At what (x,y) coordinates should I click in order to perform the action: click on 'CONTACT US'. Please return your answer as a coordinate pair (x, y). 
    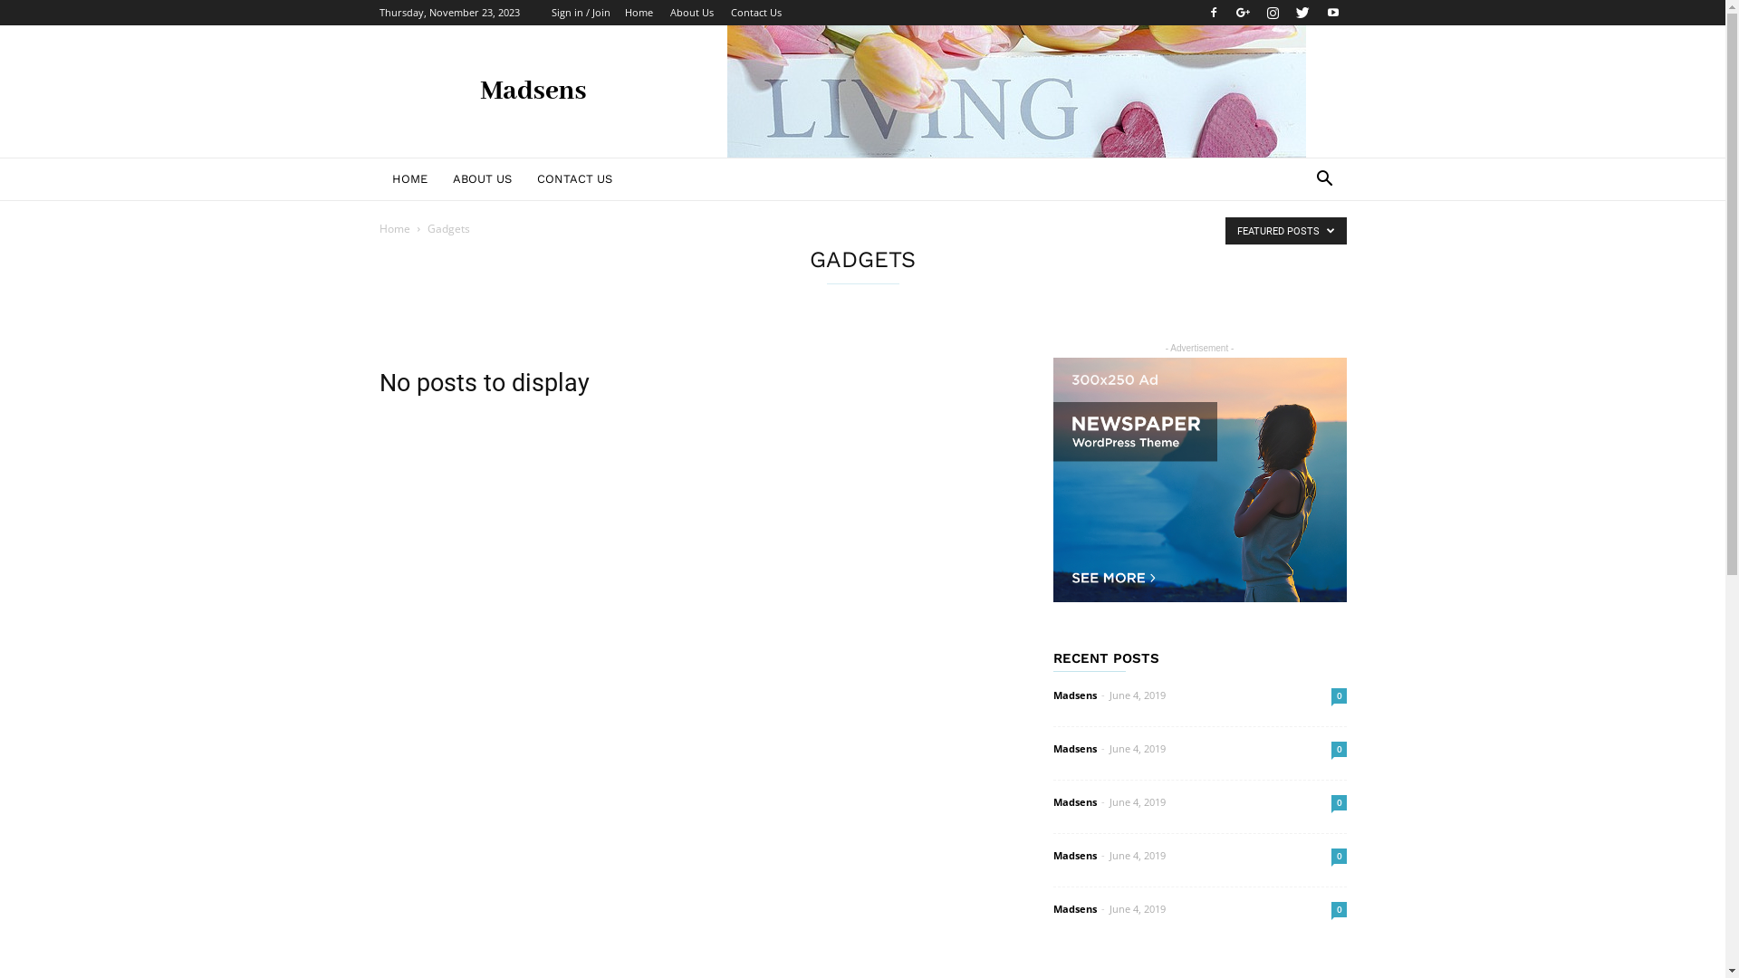
    Looking at the image, I should click on (522, 178).